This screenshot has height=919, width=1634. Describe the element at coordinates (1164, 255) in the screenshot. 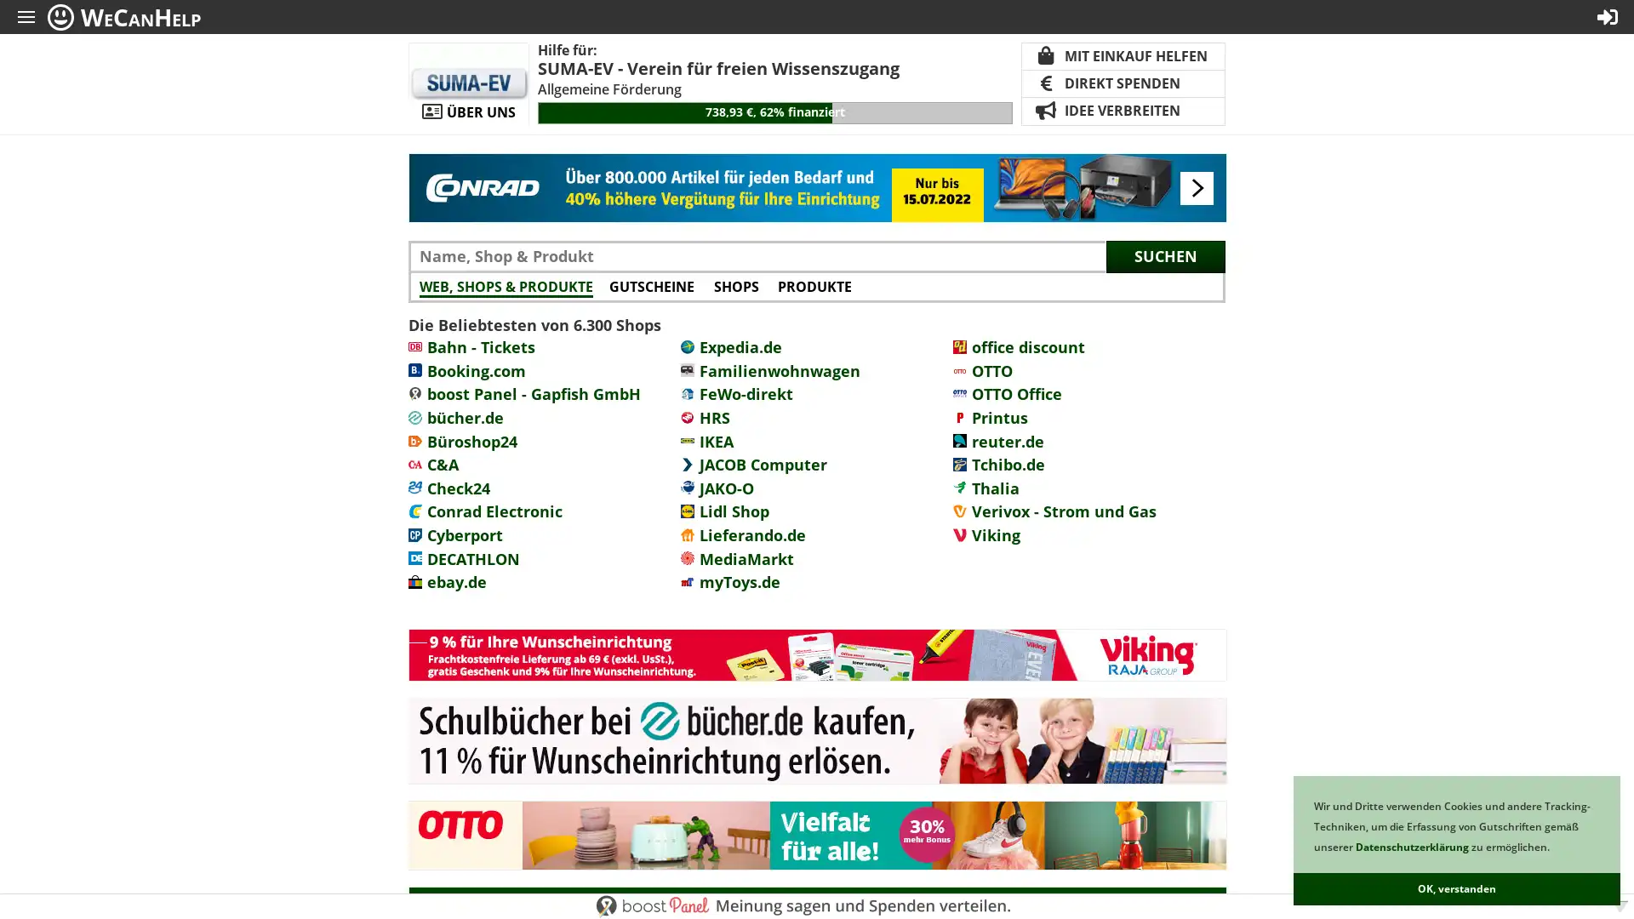

I see `Suchen` at that location.